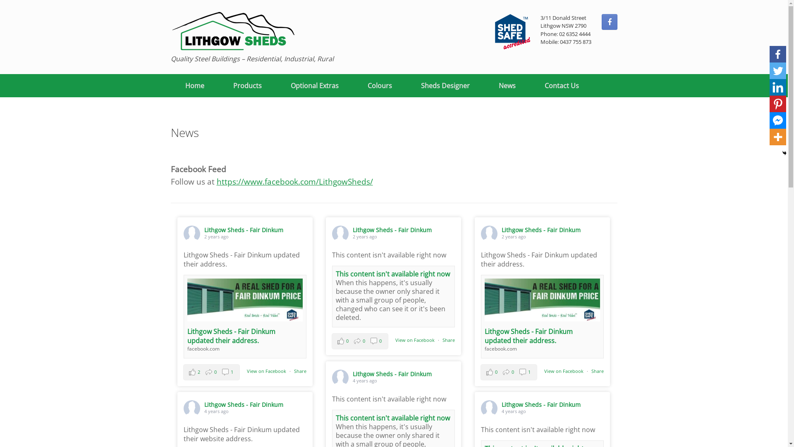 The width and height of the screenshot is (794, 447). Describe the element at coordinates (211, 371) in the screenshot. I see `'View Comments` at that location.